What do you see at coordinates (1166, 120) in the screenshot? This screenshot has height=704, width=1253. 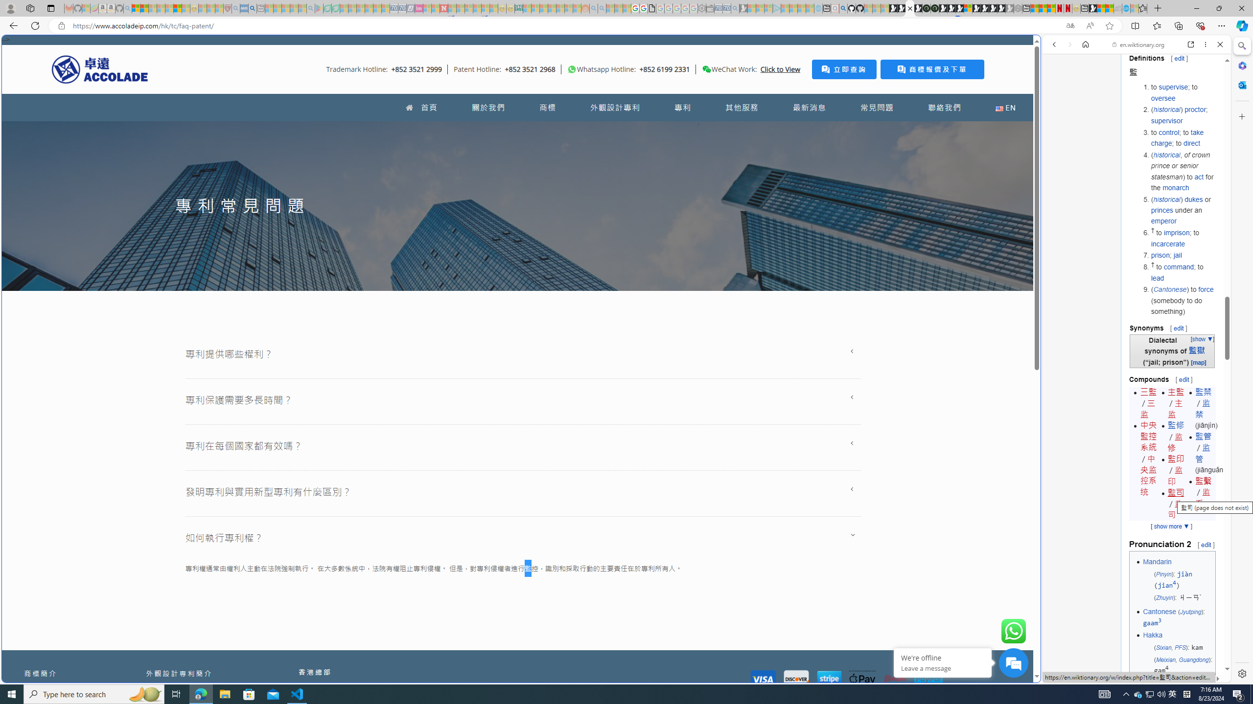 I see `'supervisor'` at bounding box center [1166, 120].